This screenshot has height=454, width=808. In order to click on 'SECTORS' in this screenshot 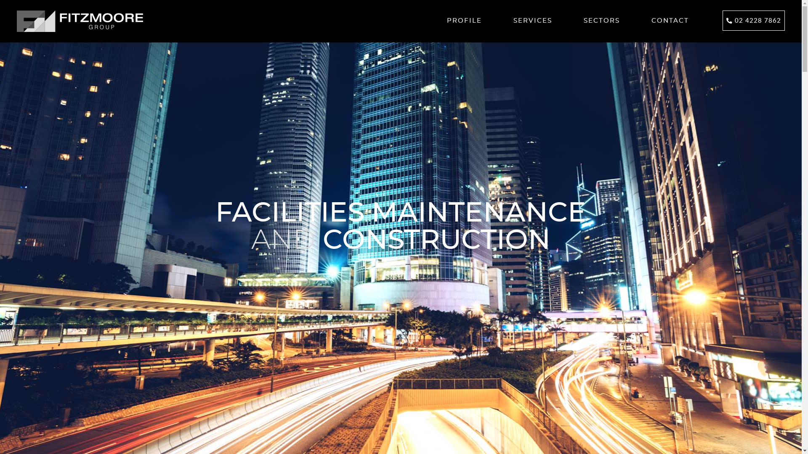, I will do `click(601, 20)`.